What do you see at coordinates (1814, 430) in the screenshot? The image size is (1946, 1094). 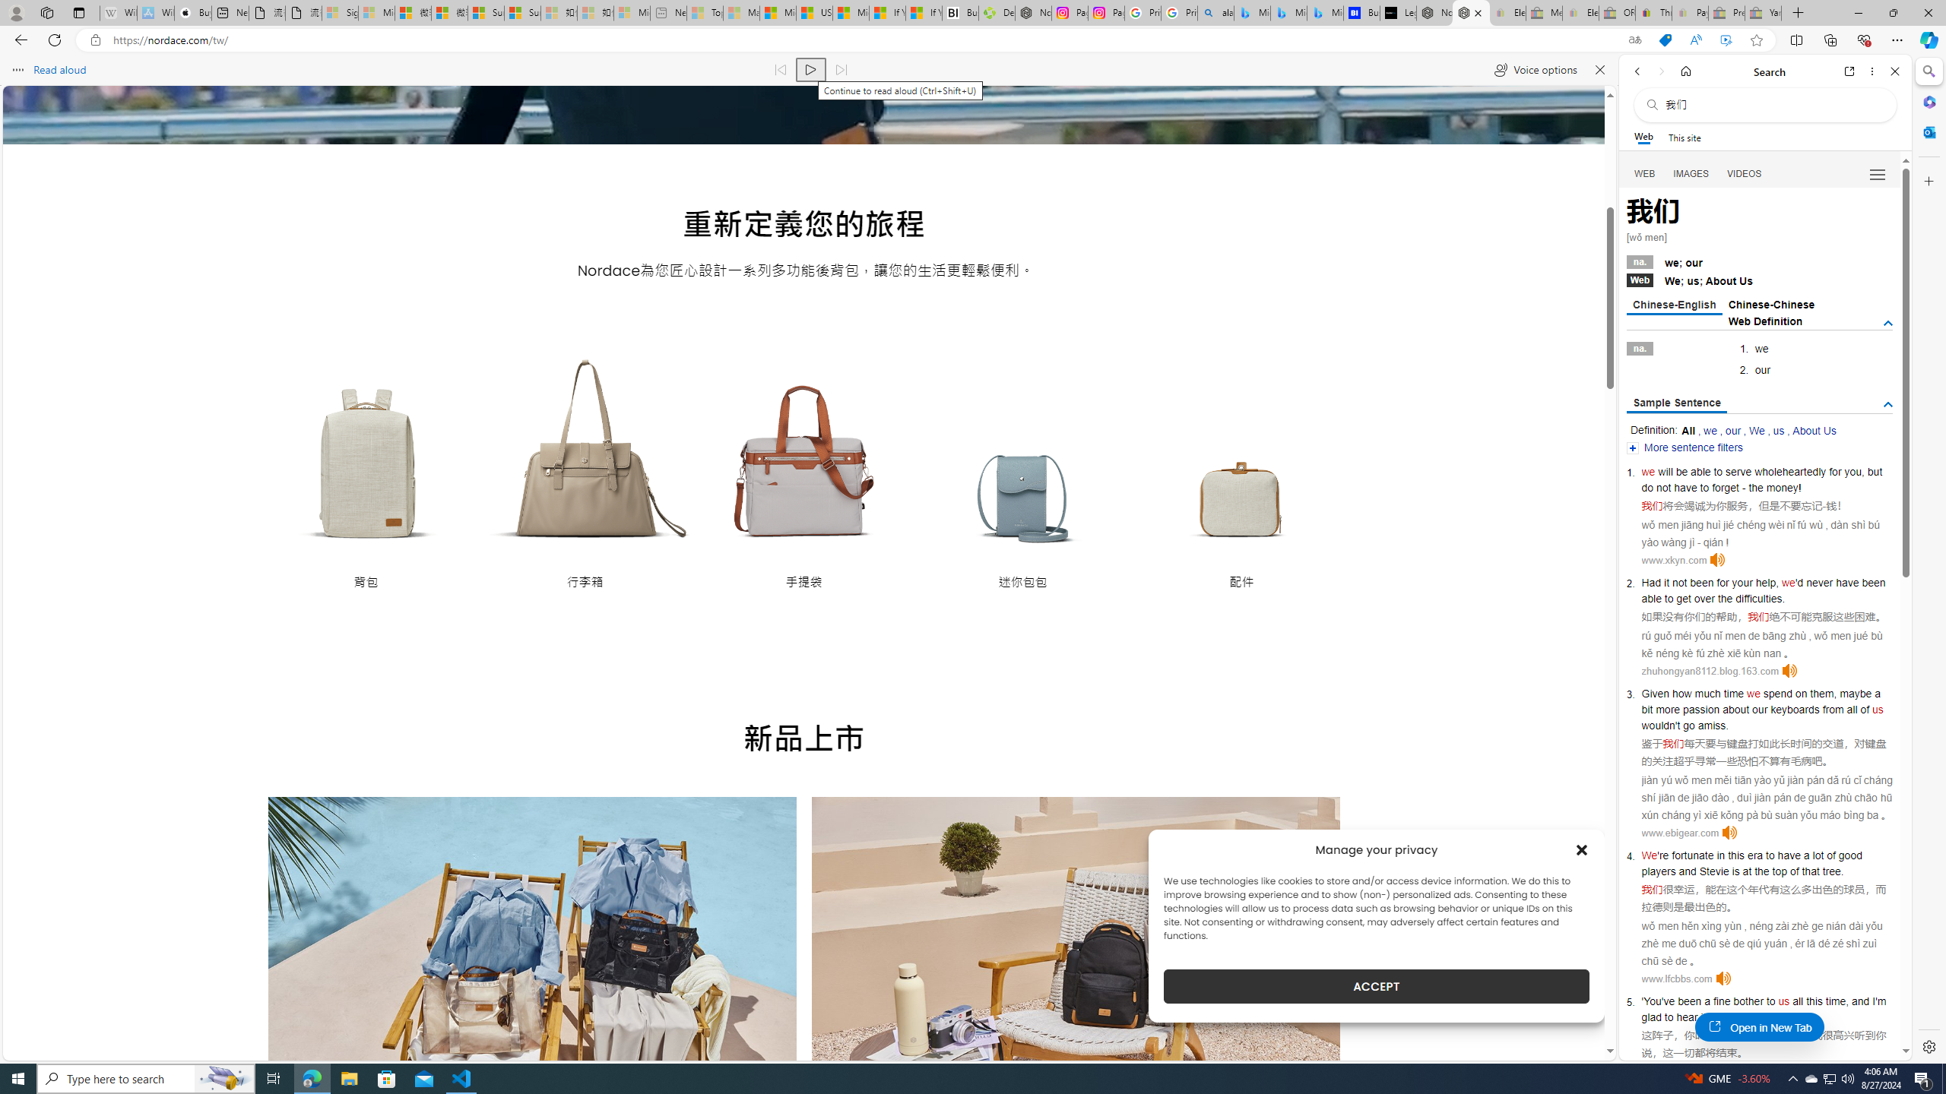 I see `'About Us'` at bounding box center [1814, 430].